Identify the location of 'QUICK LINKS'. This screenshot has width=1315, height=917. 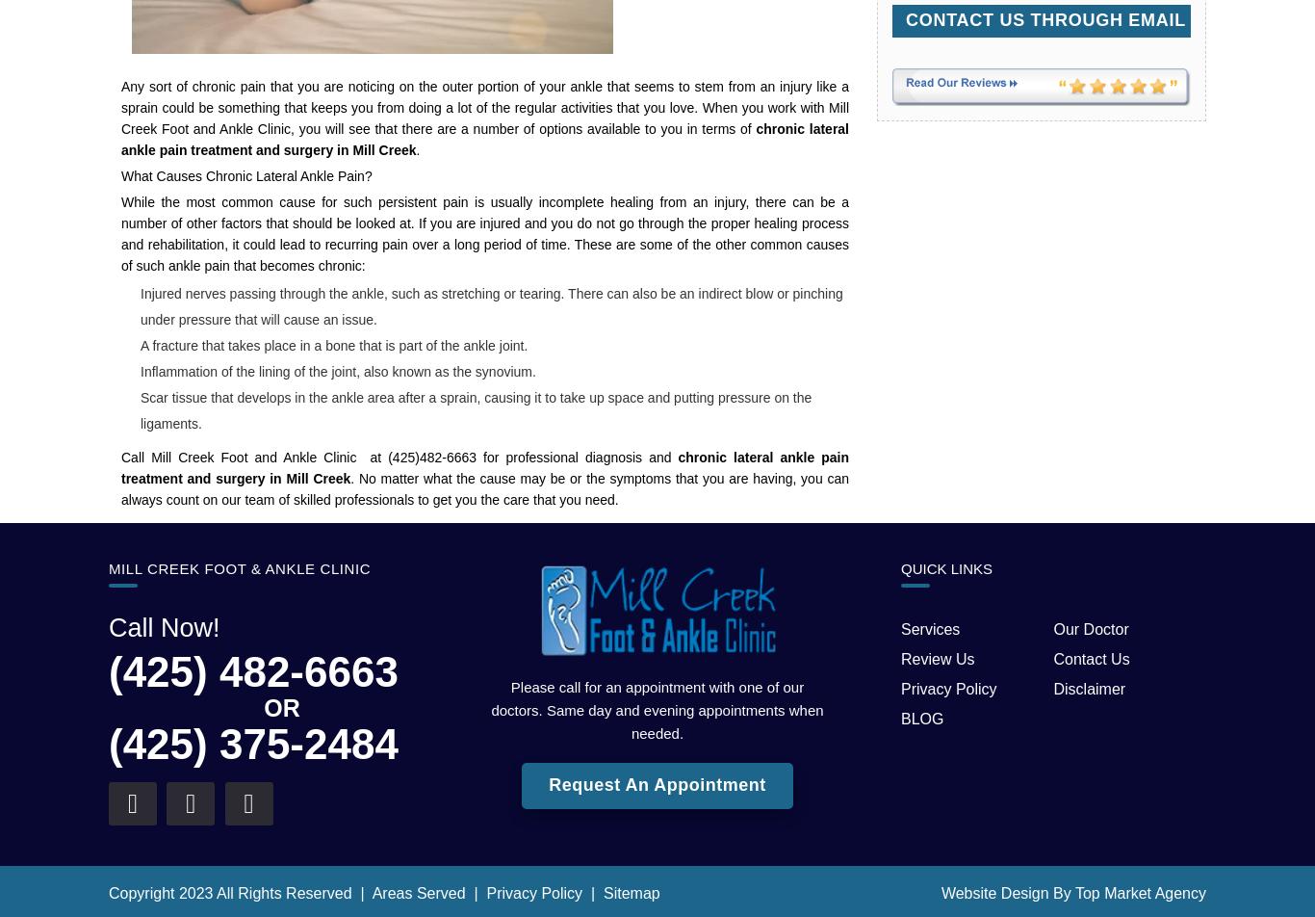
(946, 568).